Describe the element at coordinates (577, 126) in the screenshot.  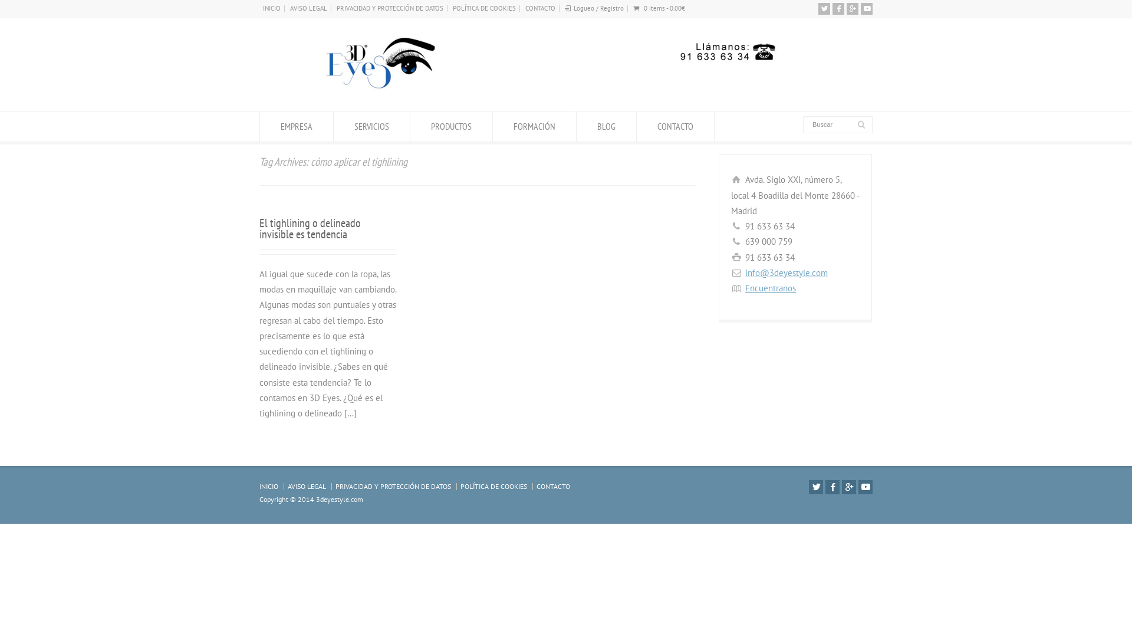
I see `'BLOG'` at that location.